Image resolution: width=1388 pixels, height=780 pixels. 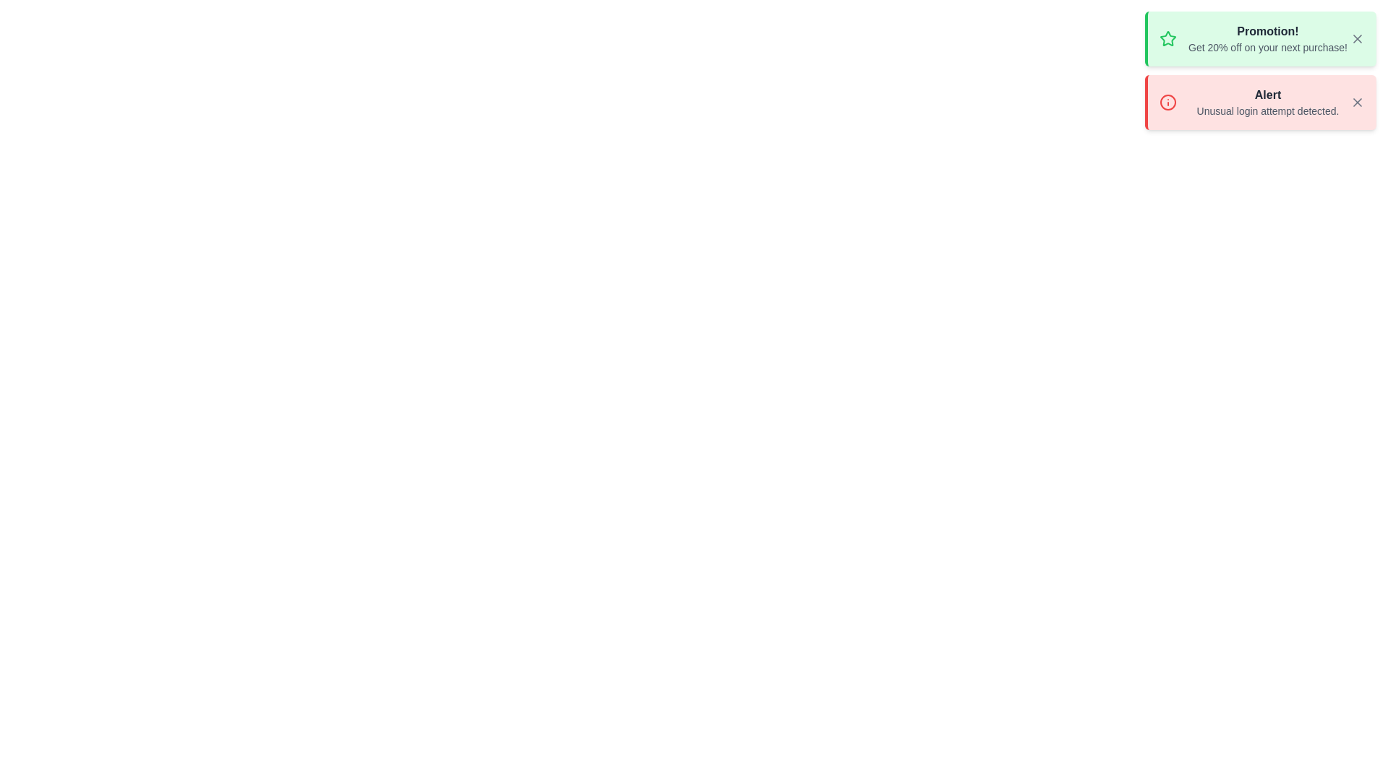 I want to click on the close button located at the top-right corner of the green notification box titled 'Promotion!' to observe a styling change, so click(x=1356, y=38).